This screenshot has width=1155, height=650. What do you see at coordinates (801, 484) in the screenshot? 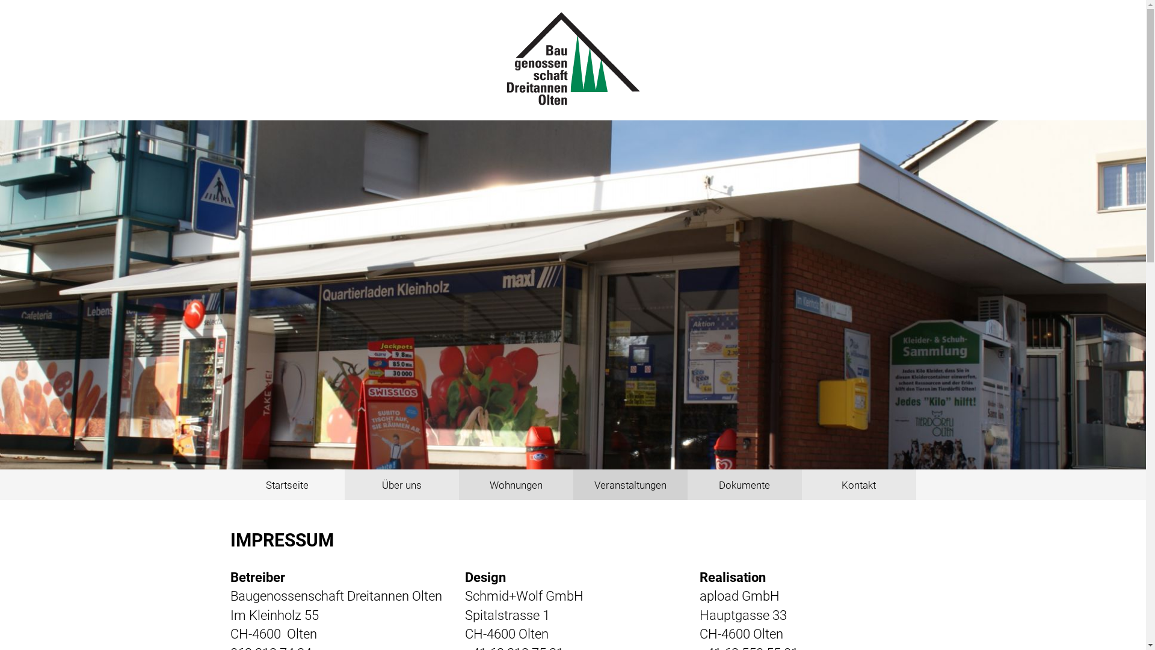
I see `'Kontakt'` at bounding box center [801, 484].